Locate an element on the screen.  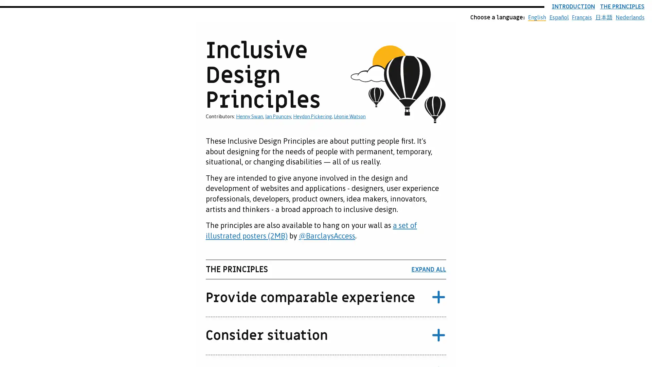
open section is located at coordinates (438, 335).